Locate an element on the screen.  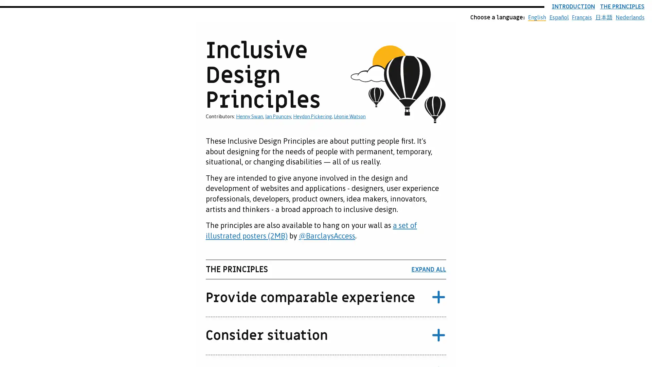
open section is located at coordinates (438, 335).